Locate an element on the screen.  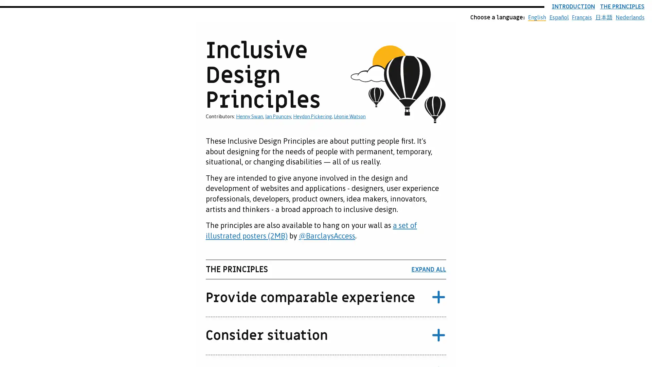
open section is located at coordinates (438, 335).